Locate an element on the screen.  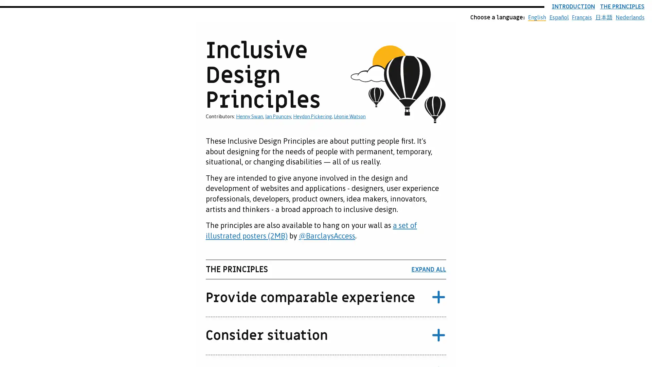
open section is located at coordinates (438, 335).